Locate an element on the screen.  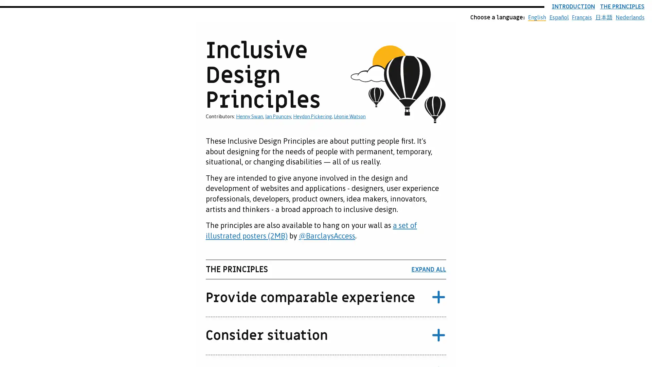
open section is located at coordinates (438, 335).